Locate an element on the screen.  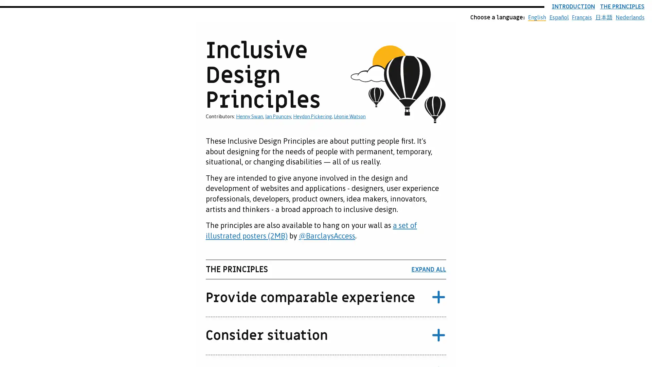
open section is located at coordinates (438, 335).